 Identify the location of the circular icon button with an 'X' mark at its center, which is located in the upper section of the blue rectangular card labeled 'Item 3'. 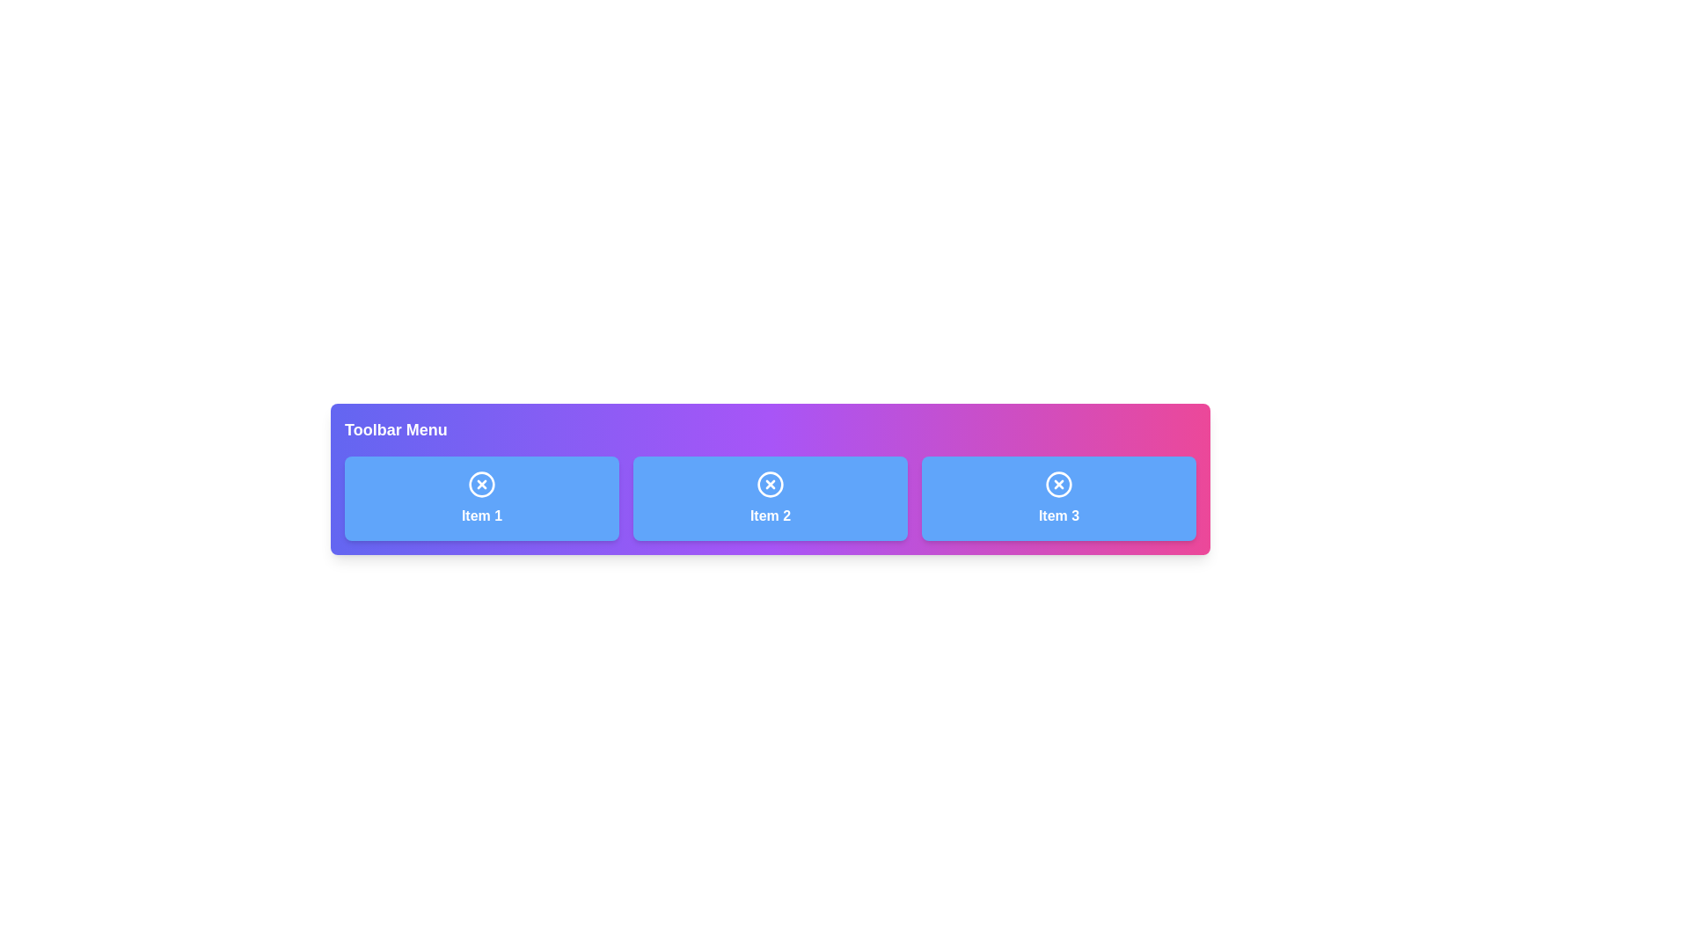
(1058, 485).